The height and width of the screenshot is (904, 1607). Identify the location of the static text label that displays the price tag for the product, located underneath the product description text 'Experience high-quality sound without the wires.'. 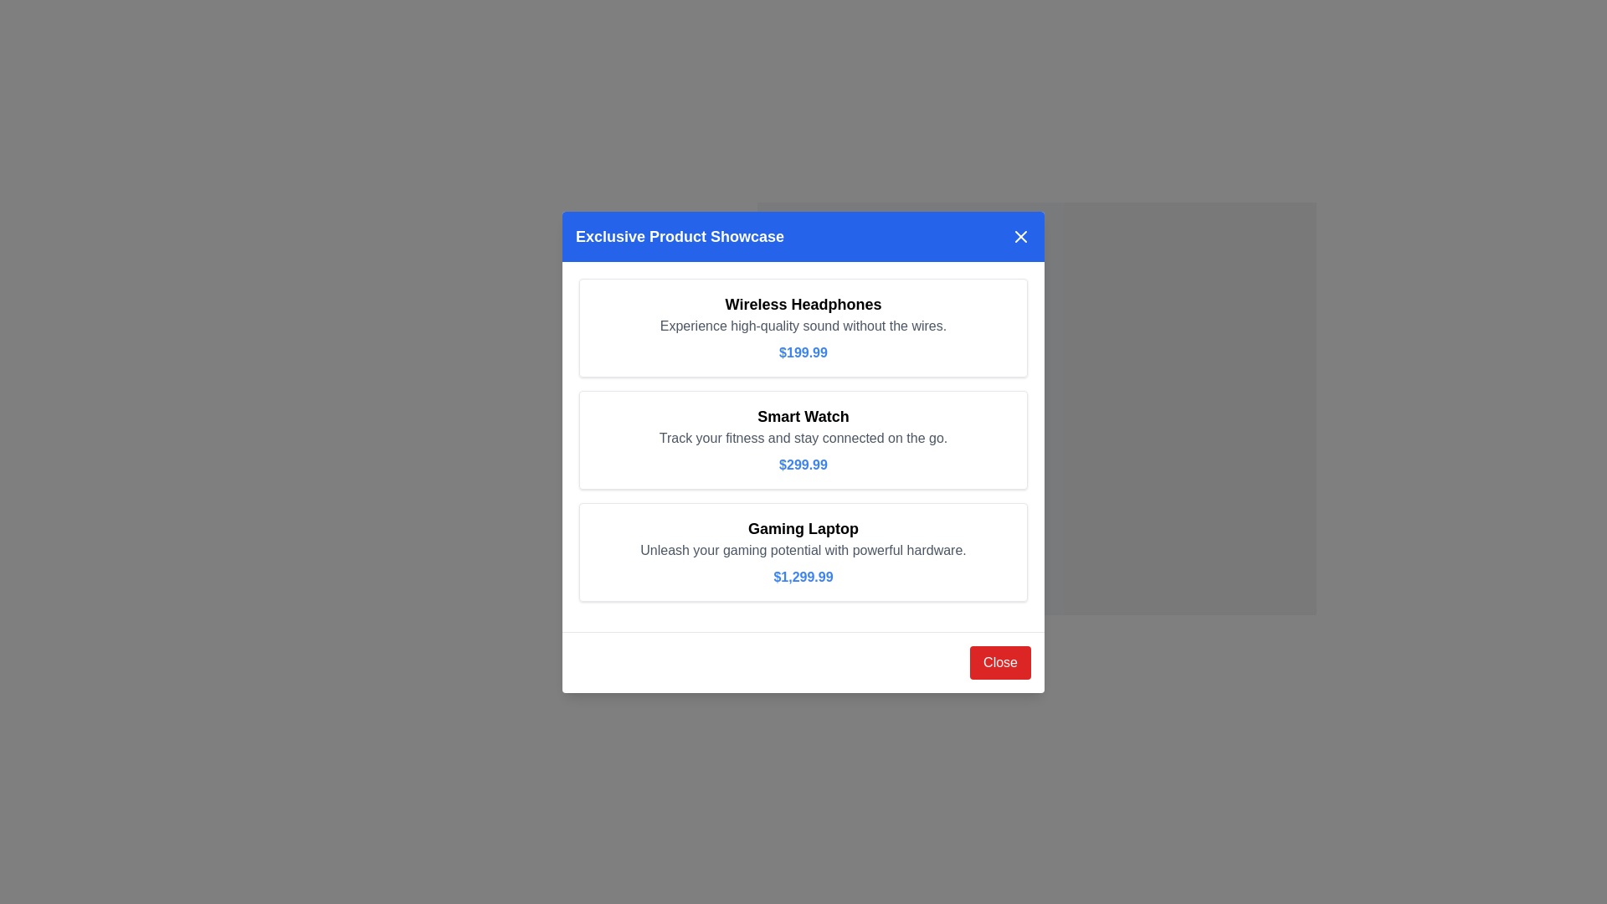
(803, 351).